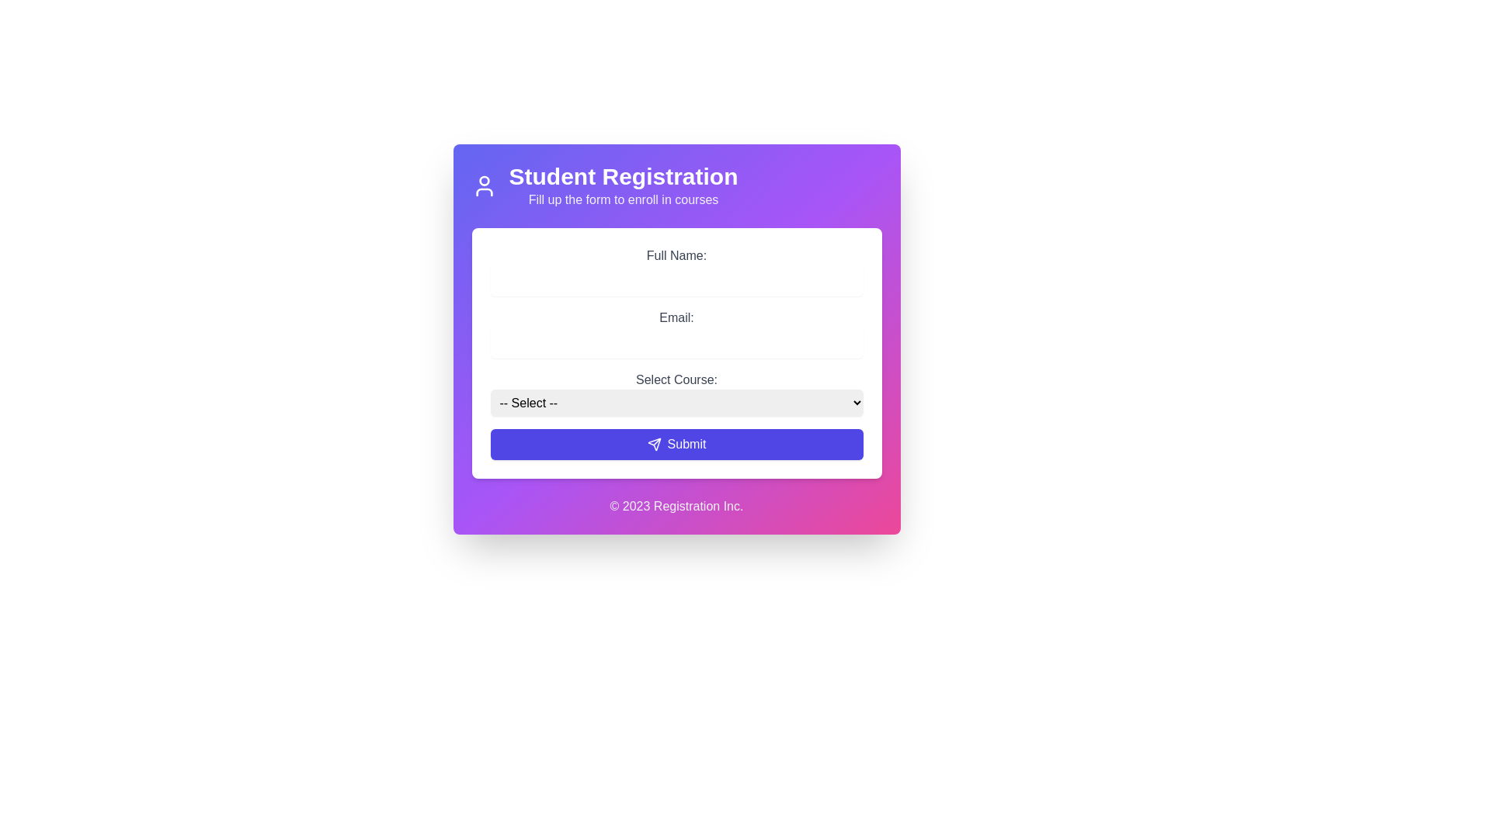 The height and width of the screenshot is (838, 1491). Describe the element at coordinates (483, 185) in the screenshot. I see `the user avatar icon, which is white on a purple background, located to the left of the 'Student Registration' title in the registration panel` at that location.